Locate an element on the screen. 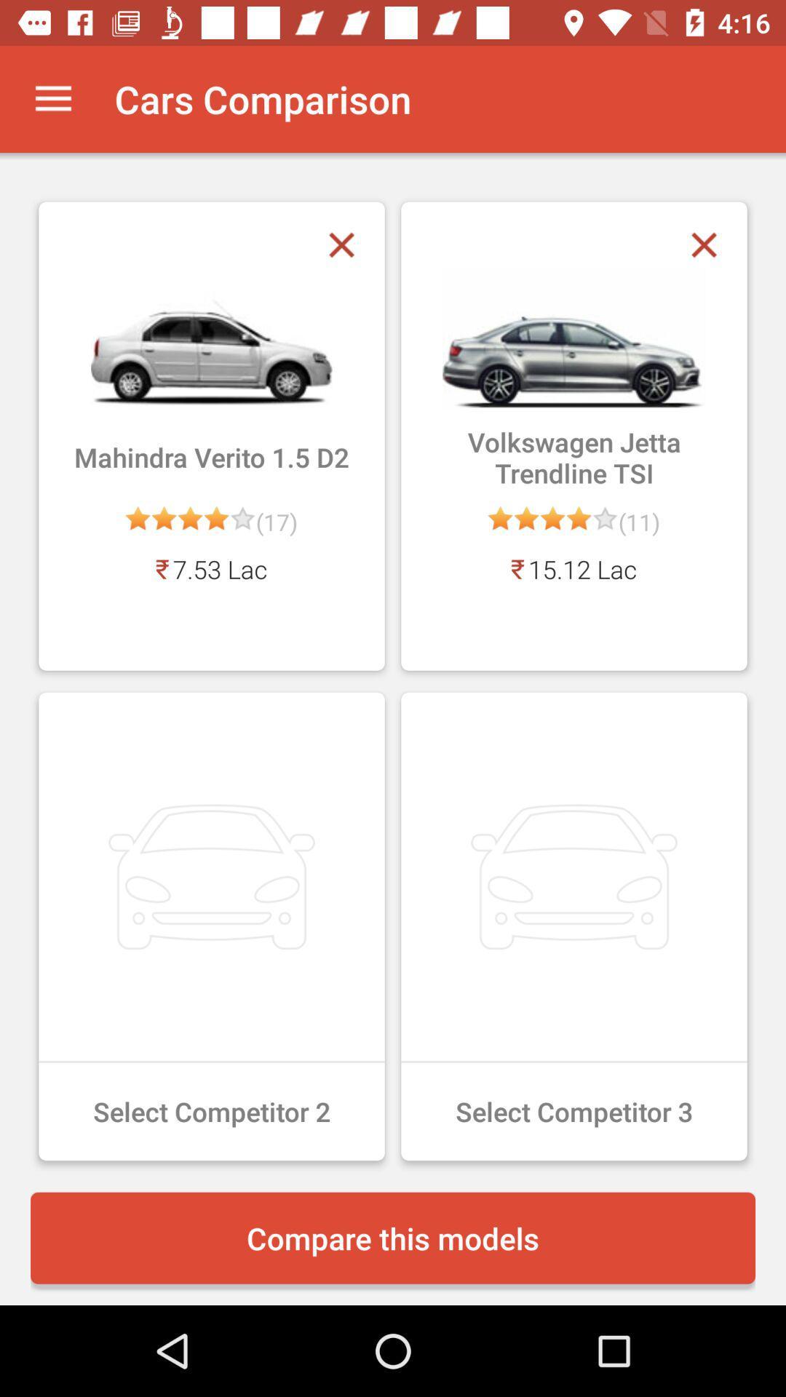  the app to the left of the cars comparison item is located at coordinates (52, 98).